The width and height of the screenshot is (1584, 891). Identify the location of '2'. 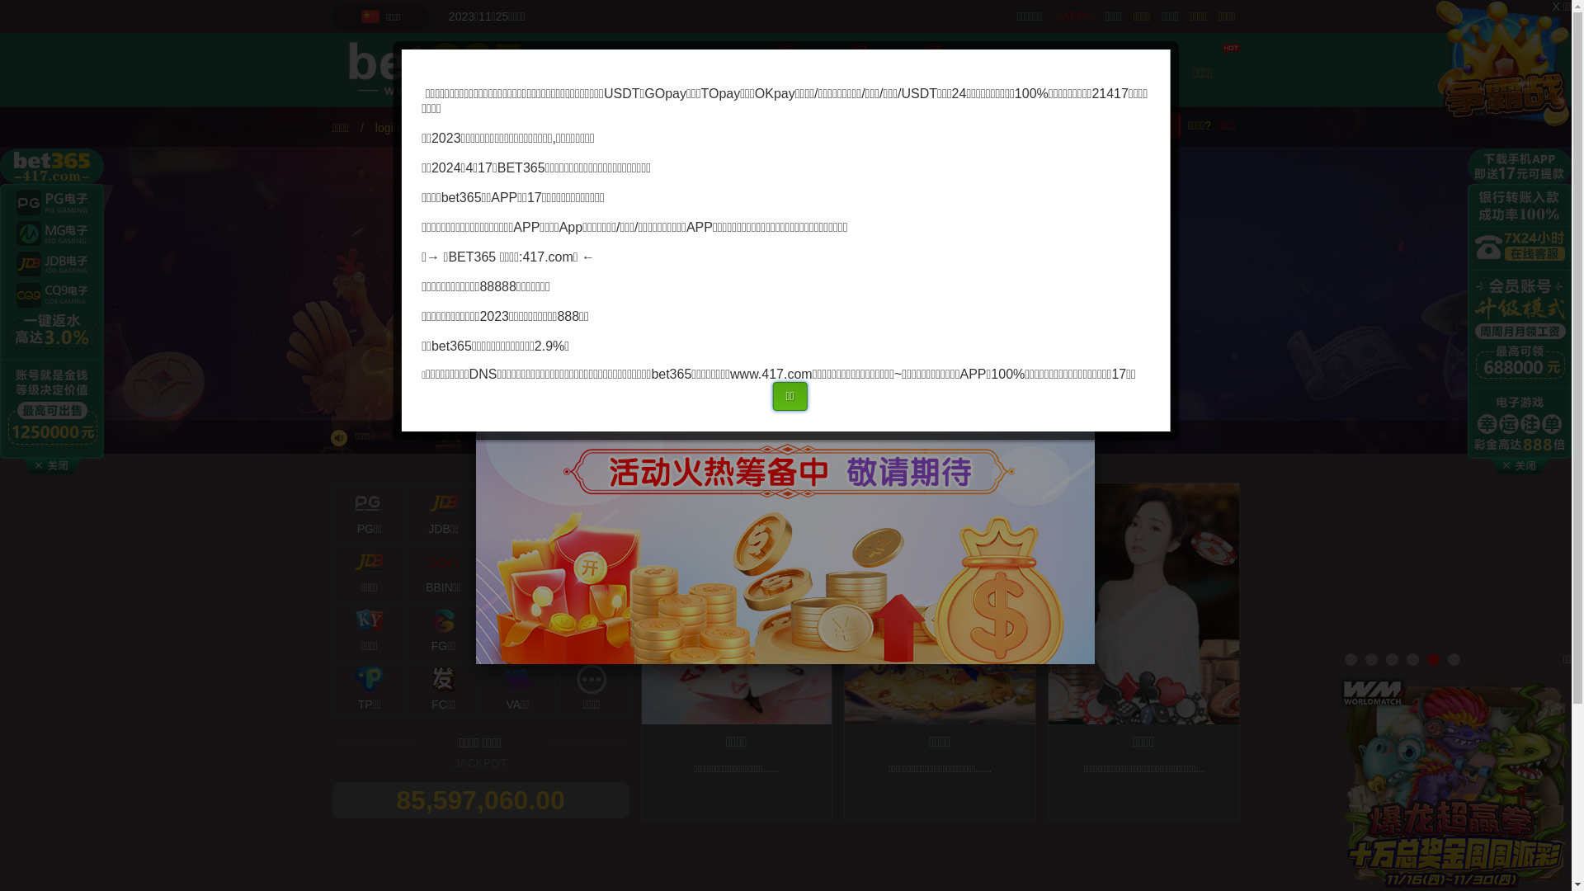
(1365, 658).